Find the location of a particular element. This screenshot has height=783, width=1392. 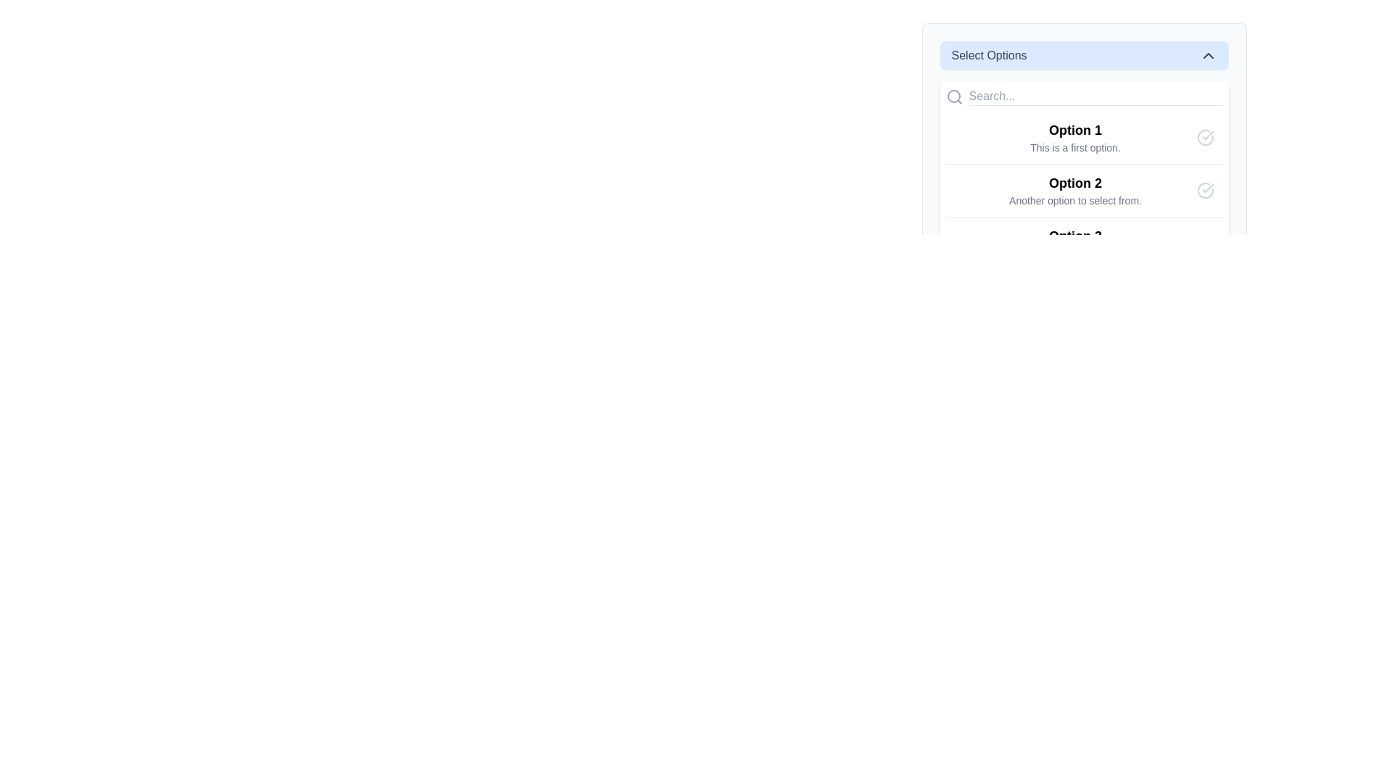

the checkmark circle indicator icon located is located at coordinates (1205, 242).